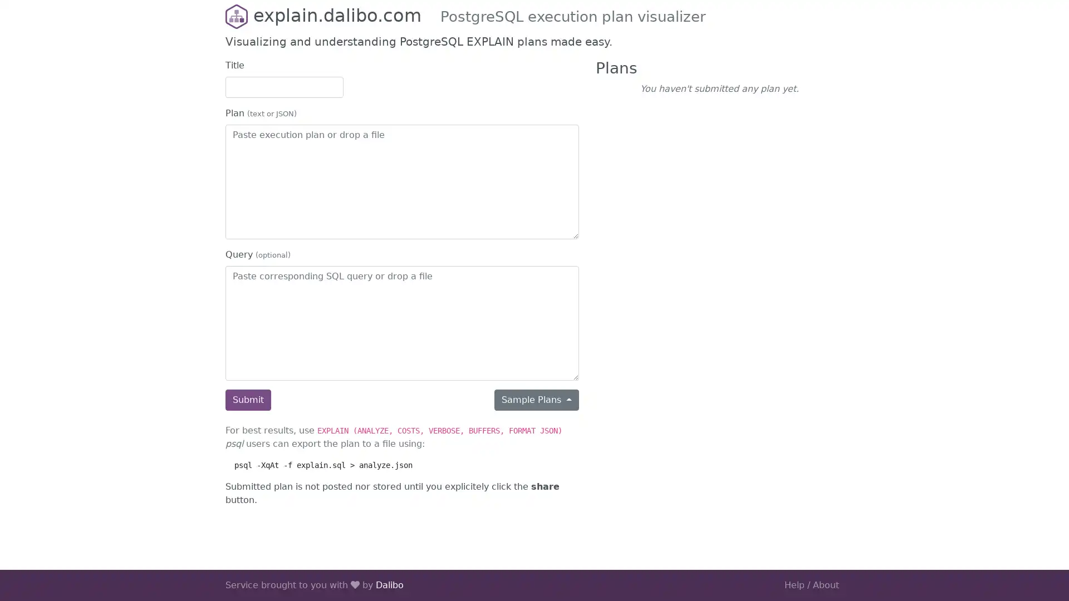 The image size is (1069, 601). Describe the element at coordinates (248, 399) in the screenshot. I see `Submit` at that location.